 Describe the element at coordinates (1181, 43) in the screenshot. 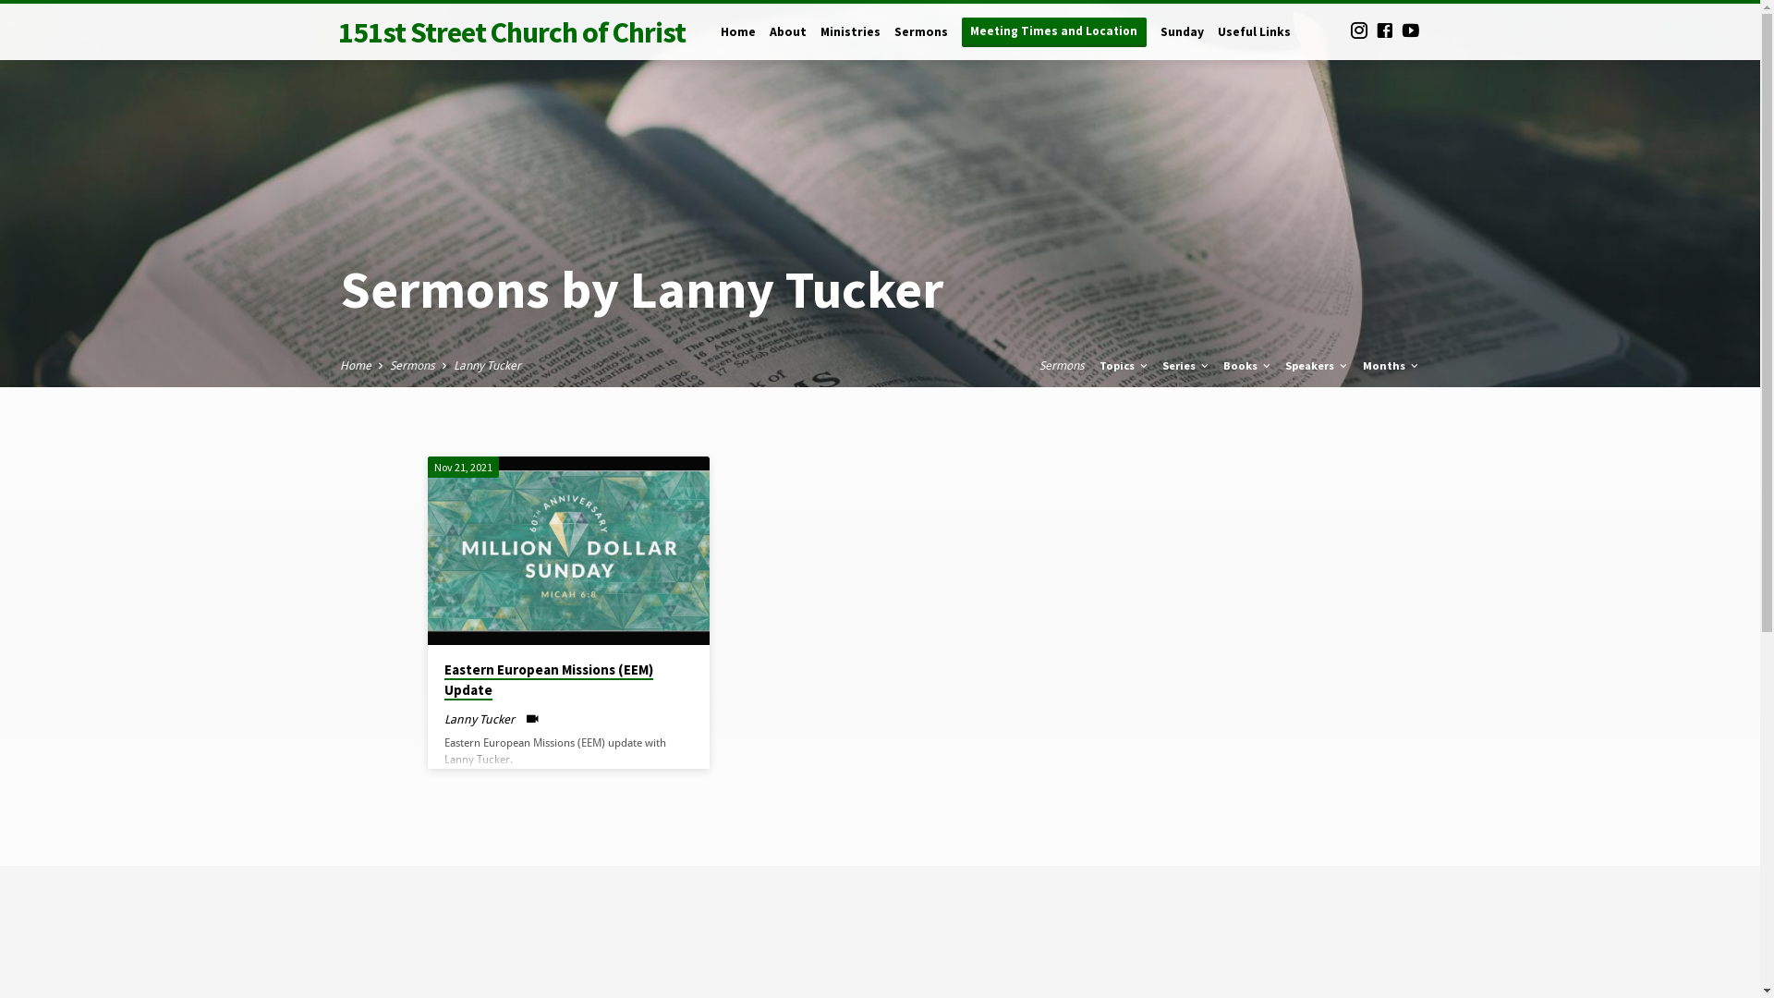

I see `'Sunday'` at that location.